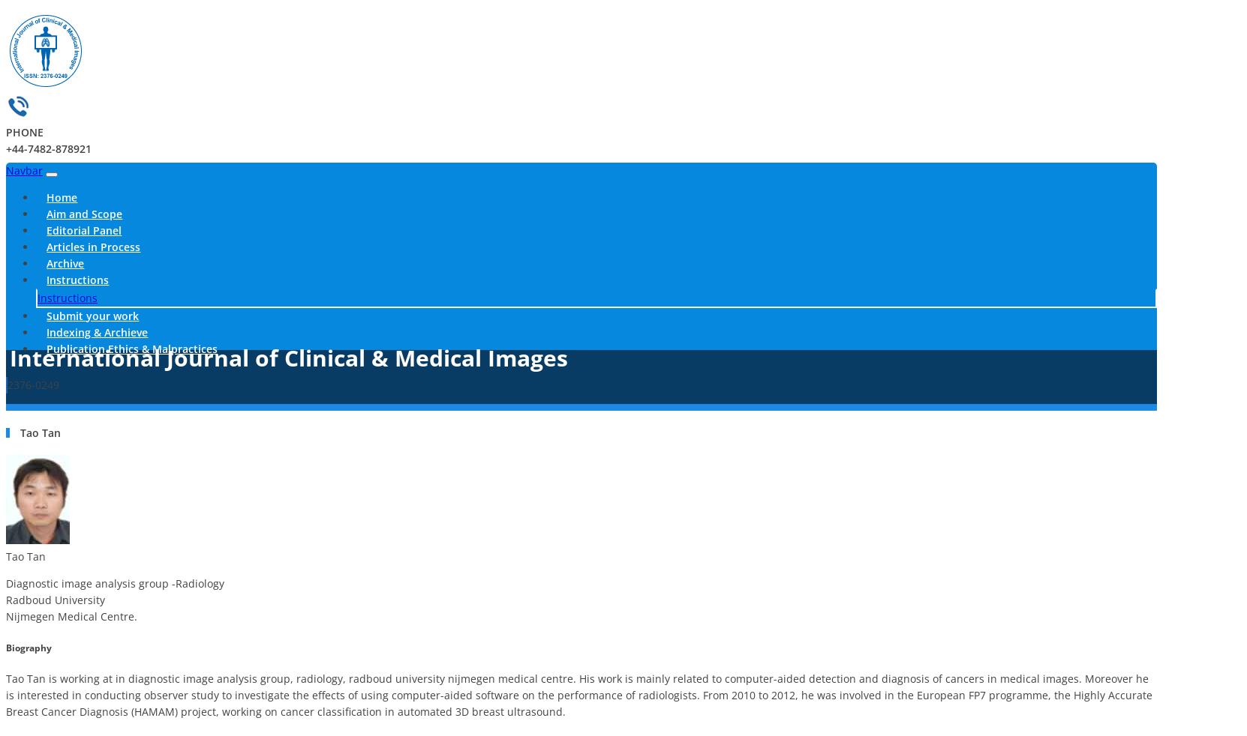 The width and height of the screenshot is (1247, 736). Describe the element at coordinates (23, 169) in the screenshot. I see `'Navbar'` at that location.